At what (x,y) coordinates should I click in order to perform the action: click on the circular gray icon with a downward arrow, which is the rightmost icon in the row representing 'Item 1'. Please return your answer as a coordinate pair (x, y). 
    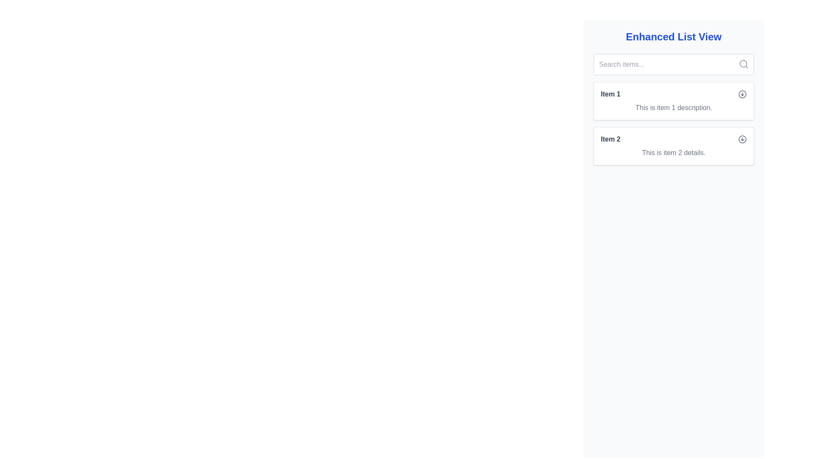
    Looking at the image, I should click on (742, 94).